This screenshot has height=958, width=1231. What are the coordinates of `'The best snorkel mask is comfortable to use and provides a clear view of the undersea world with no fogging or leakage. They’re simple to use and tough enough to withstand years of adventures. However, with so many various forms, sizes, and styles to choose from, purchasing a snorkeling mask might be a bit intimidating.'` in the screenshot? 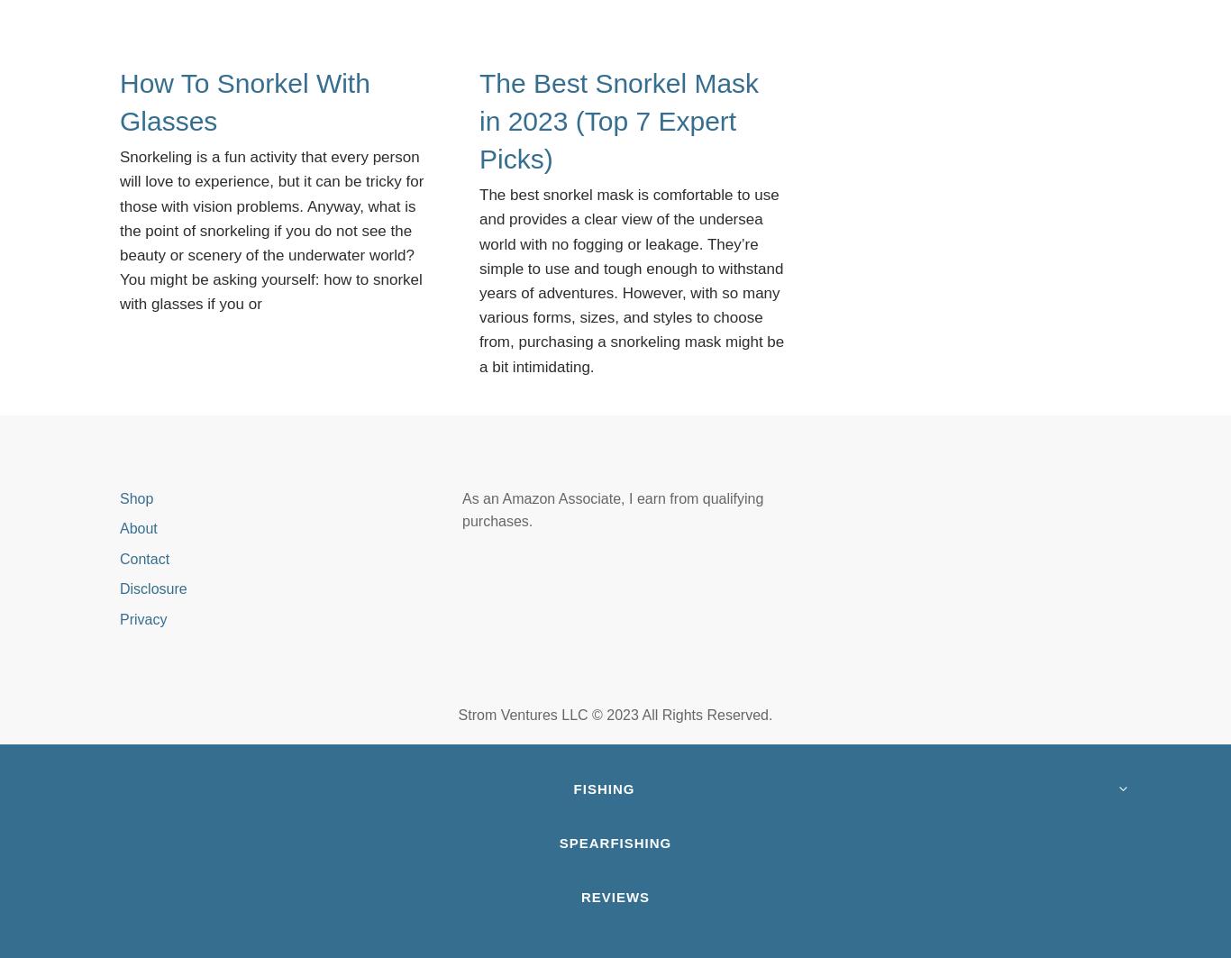 It's located at (632, 280).